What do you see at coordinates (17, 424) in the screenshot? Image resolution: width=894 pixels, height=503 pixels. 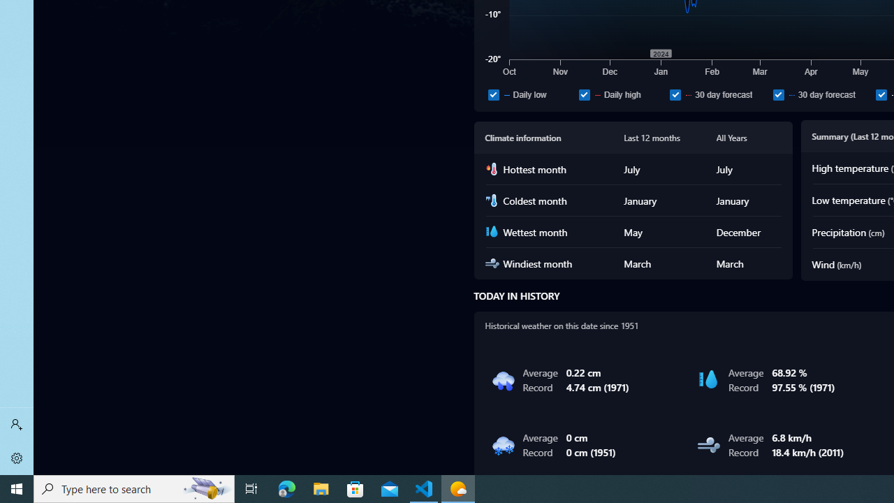 I see `'Sign in'` at bounding box center [17, 424].